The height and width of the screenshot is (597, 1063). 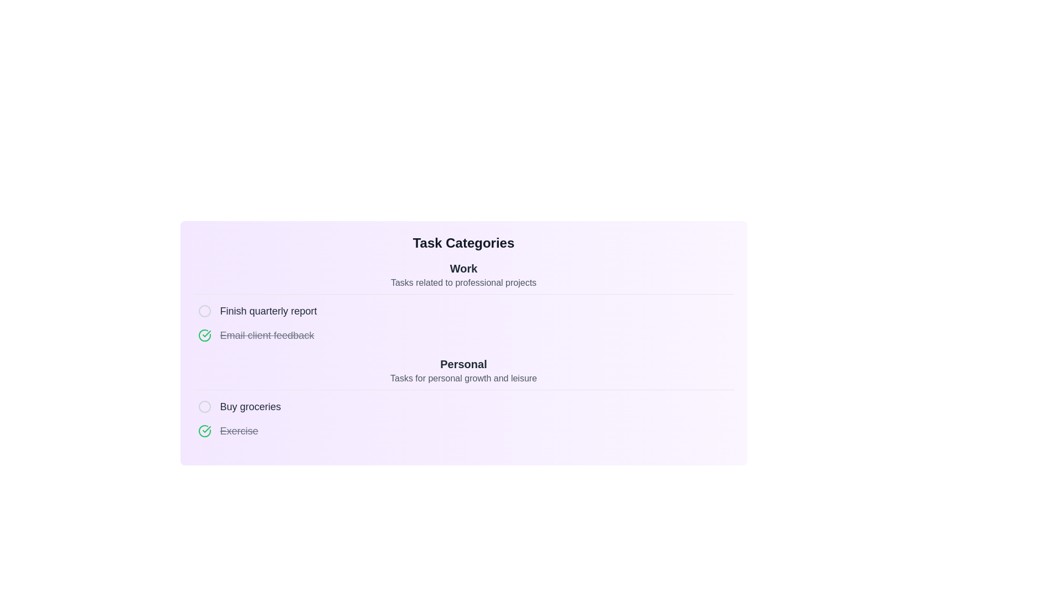 I want to click on the circular SVG graphic element with a solid stroke in light gray color next to the text 'Buy groceries' under the 'Personal' category, so click(x=204, y=407).